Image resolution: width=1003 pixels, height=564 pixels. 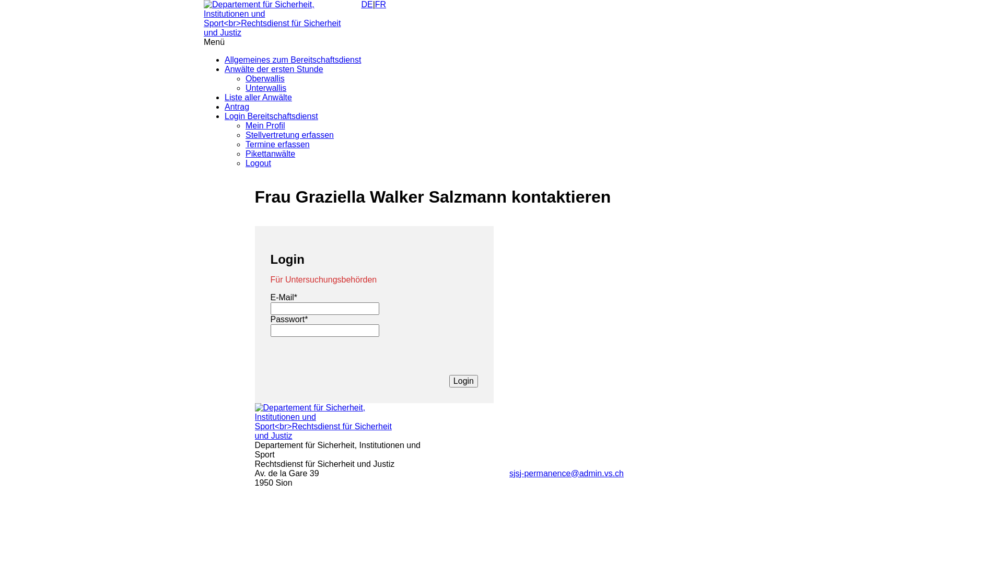 What do you see at coordinates (265, 125) in the screenshot?
I see `'Mein Profil'` at bounding box center [265, 125].